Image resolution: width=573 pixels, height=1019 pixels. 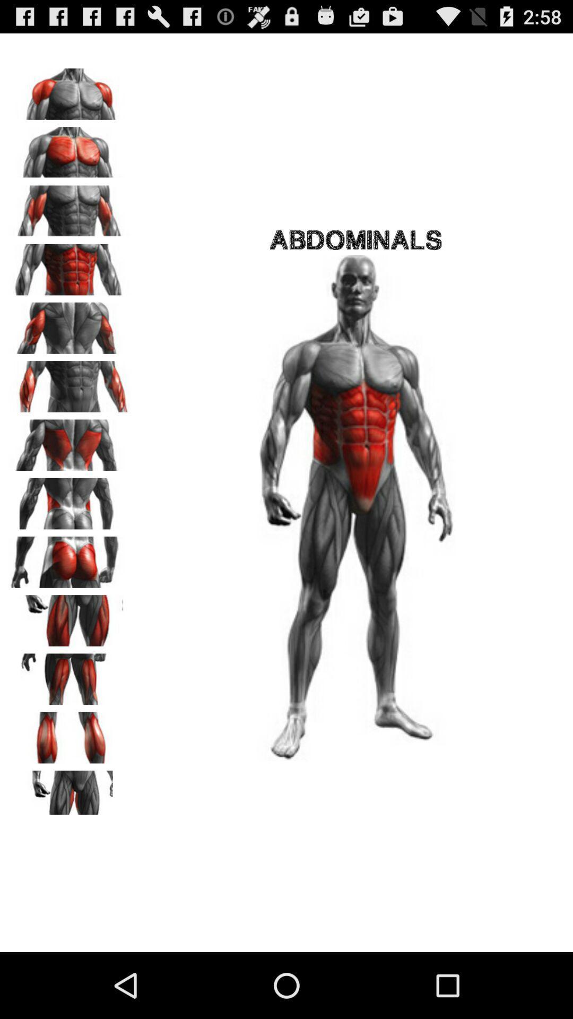 What do you see at coordinates (70, 792) in the screenshot?
I see `show more` at bounding box center [70, 792].